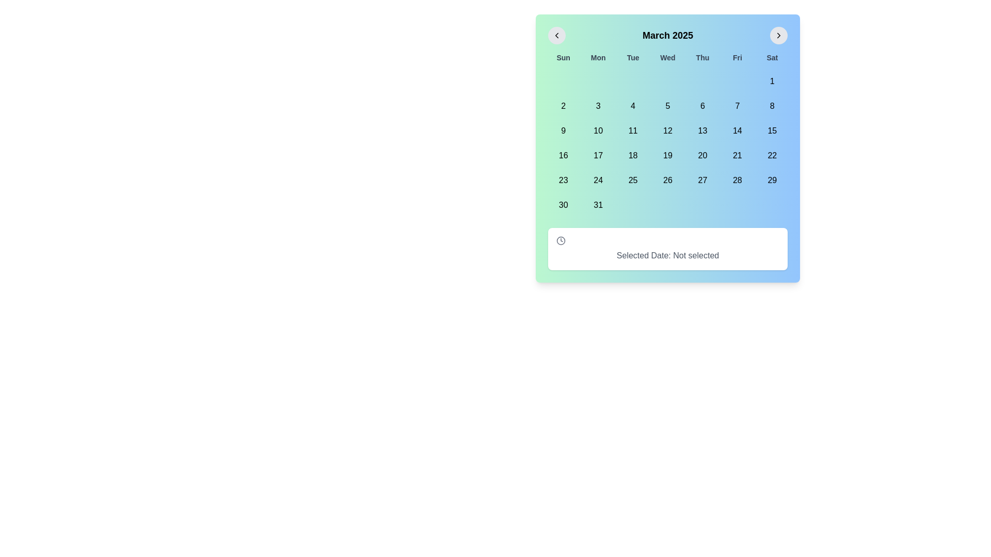  What do you see at coordinates (632, 130) in the screenshot?
I see `the rounded rectangular button labeled '11'` at bounding box center [632, 130].